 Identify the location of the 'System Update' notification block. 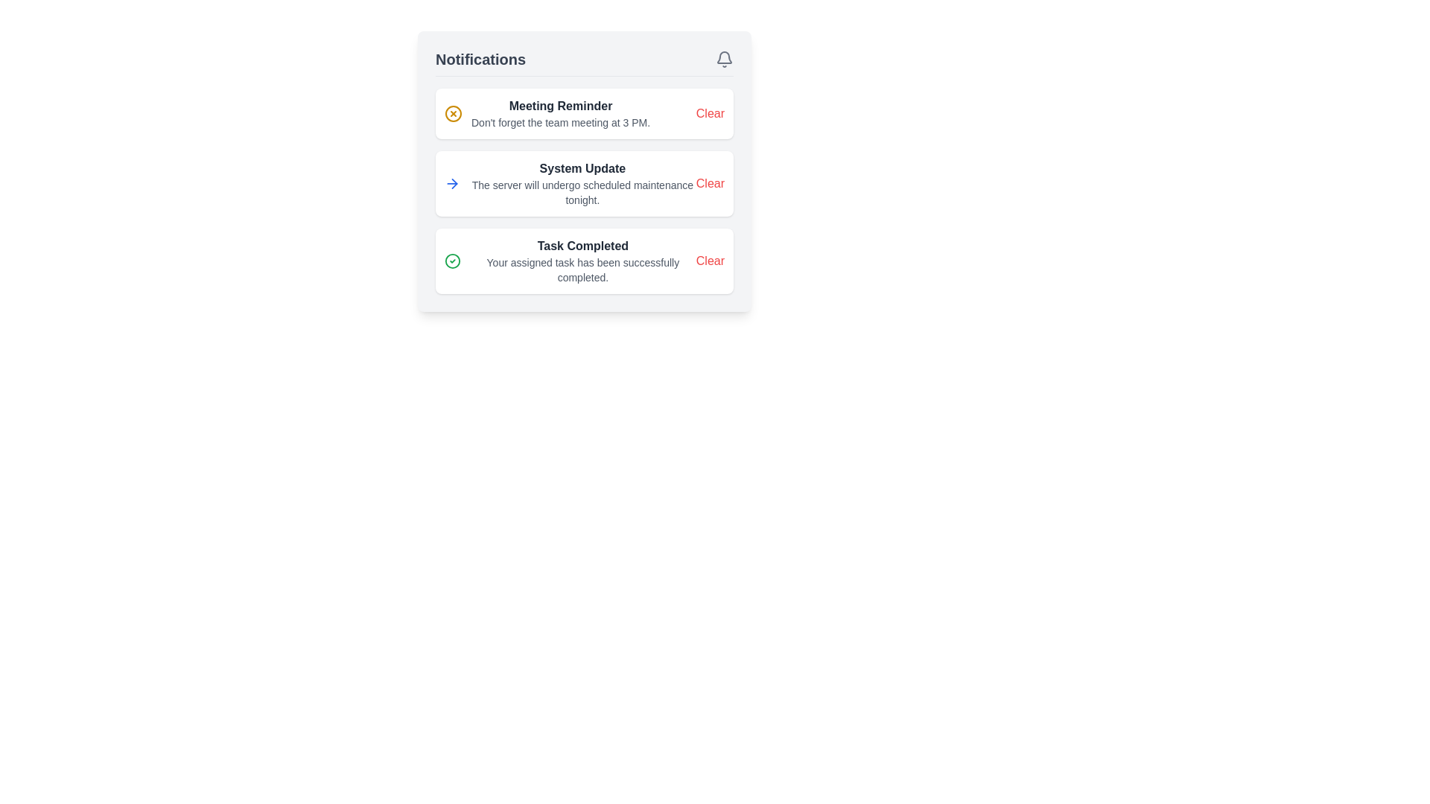
(584, 191).